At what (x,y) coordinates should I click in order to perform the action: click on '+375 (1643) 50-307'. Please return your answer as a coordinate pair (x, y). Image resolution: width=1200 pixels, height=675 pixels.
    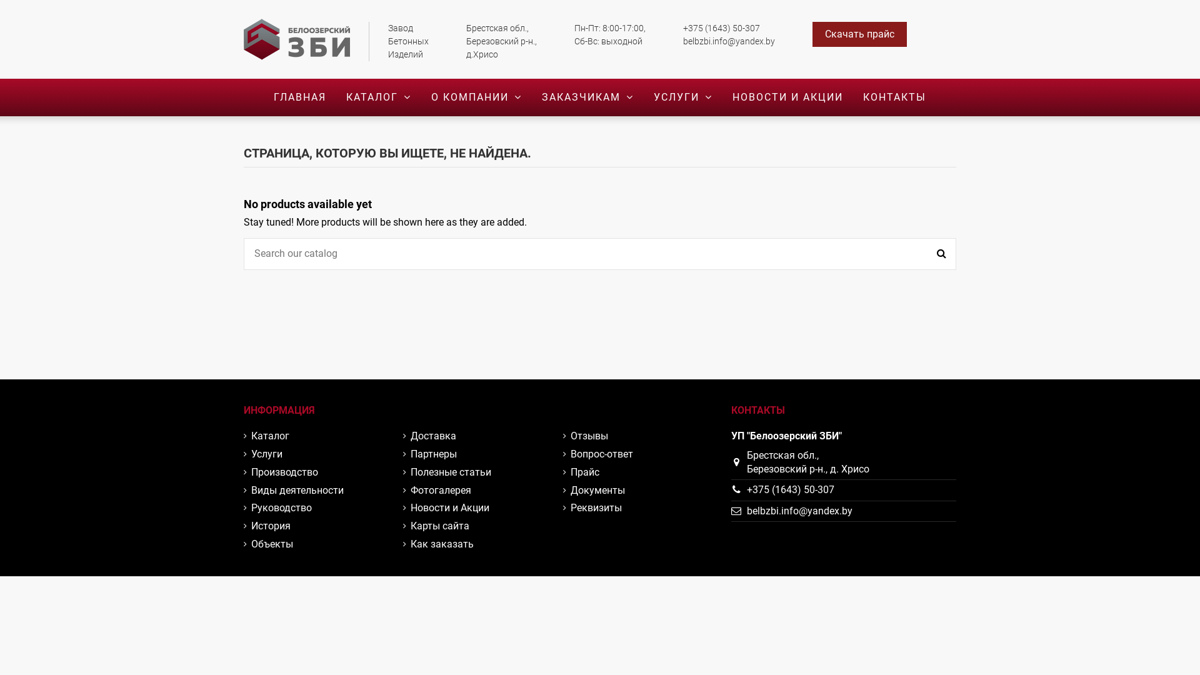
    Looking at the image, I should click on (790, 489).